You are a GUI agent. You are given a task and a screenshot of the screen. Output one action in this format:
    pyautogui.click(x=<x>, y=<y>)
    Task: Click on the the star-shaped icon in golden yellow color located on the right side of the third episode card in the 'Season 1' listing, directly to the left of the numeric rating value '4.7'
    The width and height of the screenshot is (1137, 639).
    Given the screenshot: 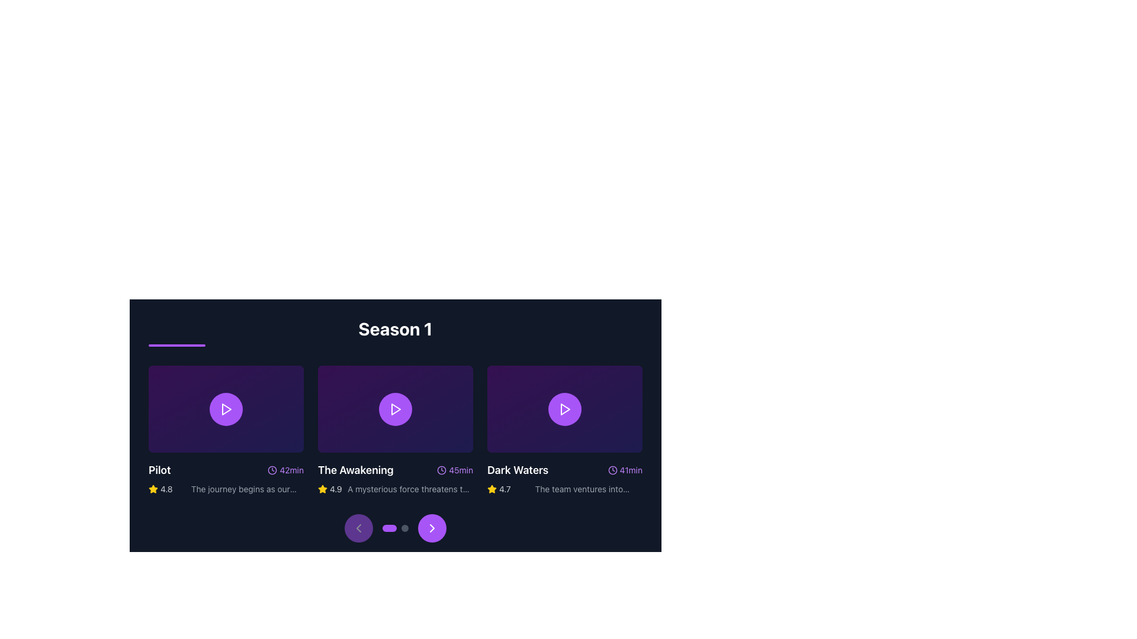 What is the action you would take?
    pyautogui.click(x=492, y=489)
    